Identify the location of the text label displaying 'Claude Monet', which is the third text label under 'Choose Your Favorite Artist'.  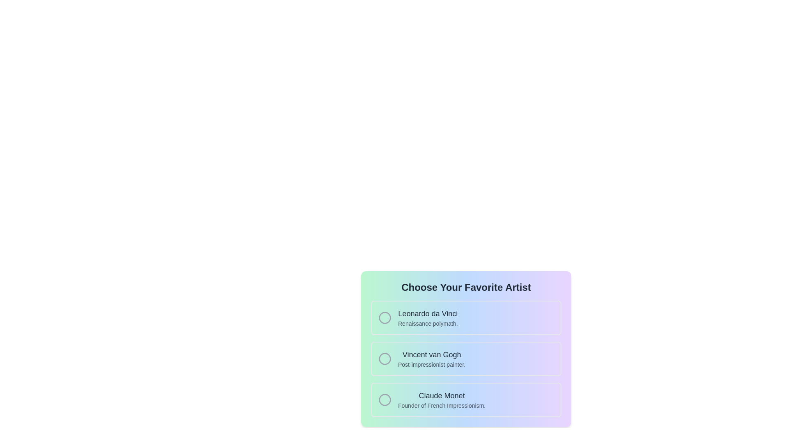
(441, 395).